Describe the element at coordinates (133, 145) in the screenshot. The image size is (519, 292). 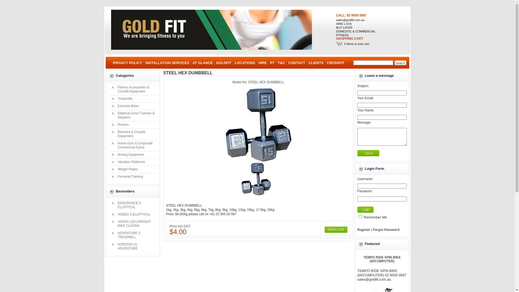
I see `'Home Gym & Corporate Commercial Gyms'` at that location.